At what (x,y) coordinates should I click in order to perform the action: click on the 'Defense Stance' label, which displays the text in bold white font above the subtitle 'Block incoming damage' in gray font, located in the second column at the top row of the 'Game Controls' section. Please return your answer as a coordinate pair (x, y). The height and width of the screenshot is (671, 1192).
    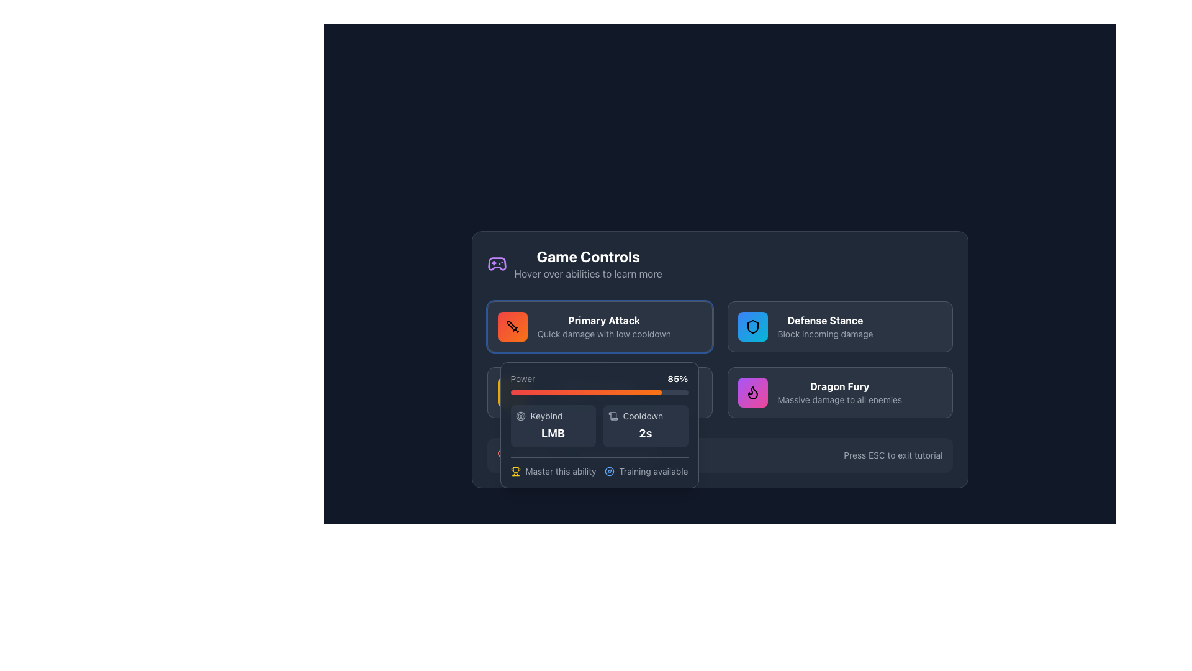
    Looking at the image, I should click on (825, 326).